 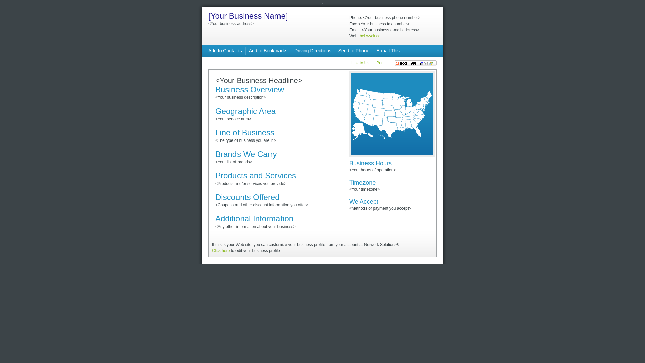 What do you see at coordinates (211, 250) in the screenshot?
I see `'Click here'` at bounding box center [211, 250].